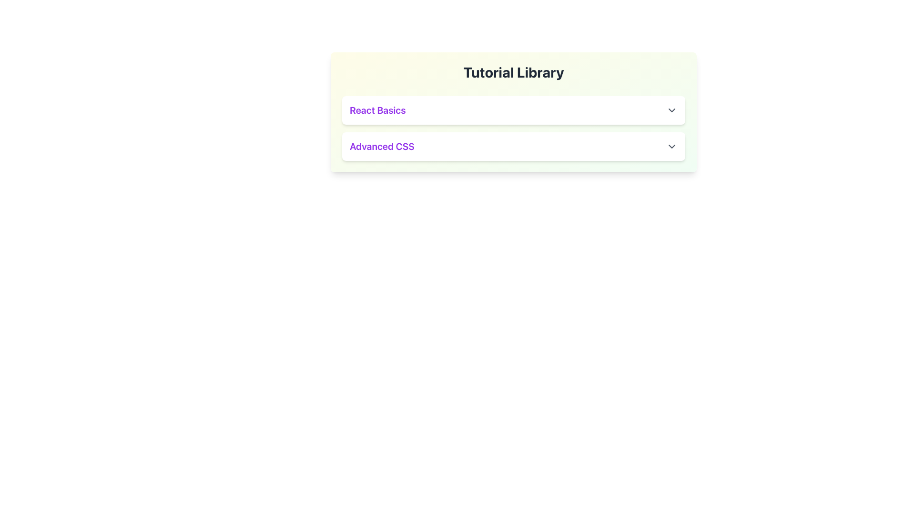 This screenshot has width=915, height=514. What do you see at coordinates (377, 109) in the screenshot?
I see `the Text Label that serves as a title or label for a specific tutorial or section, guiding the user to identify the content` at bounding box center [377, 109].